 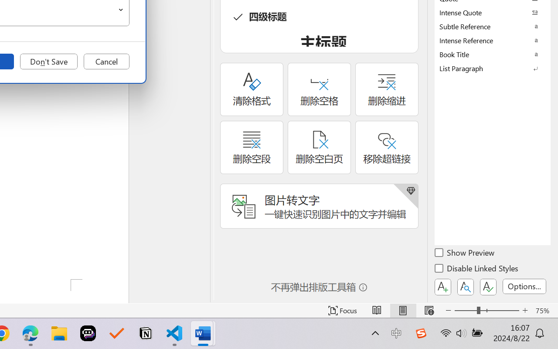 What do you see at coordinates (342, 310) in the screenshot?
I see `'Focus '` at bounding box center [342, 310].